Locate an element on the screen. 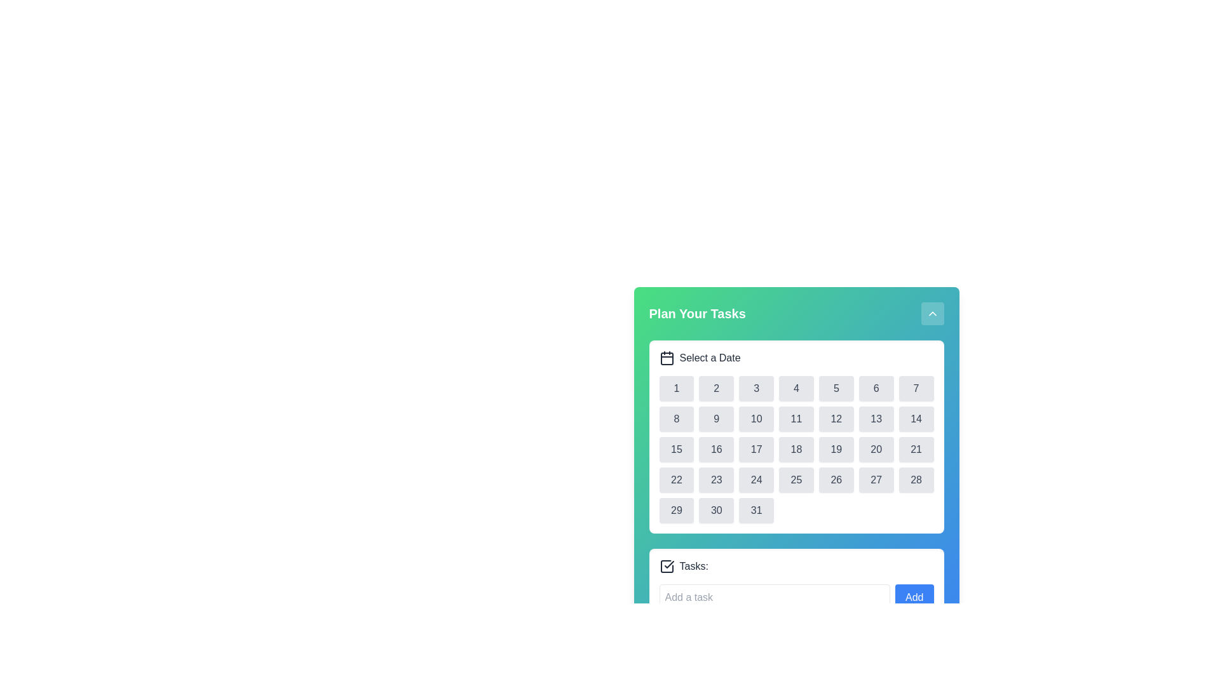 The height and width of the screenshot is (686, 1220). the calendar day button located in the fourth column of the first row below the 'Select a Date' header is located at coordinates (796, 388).